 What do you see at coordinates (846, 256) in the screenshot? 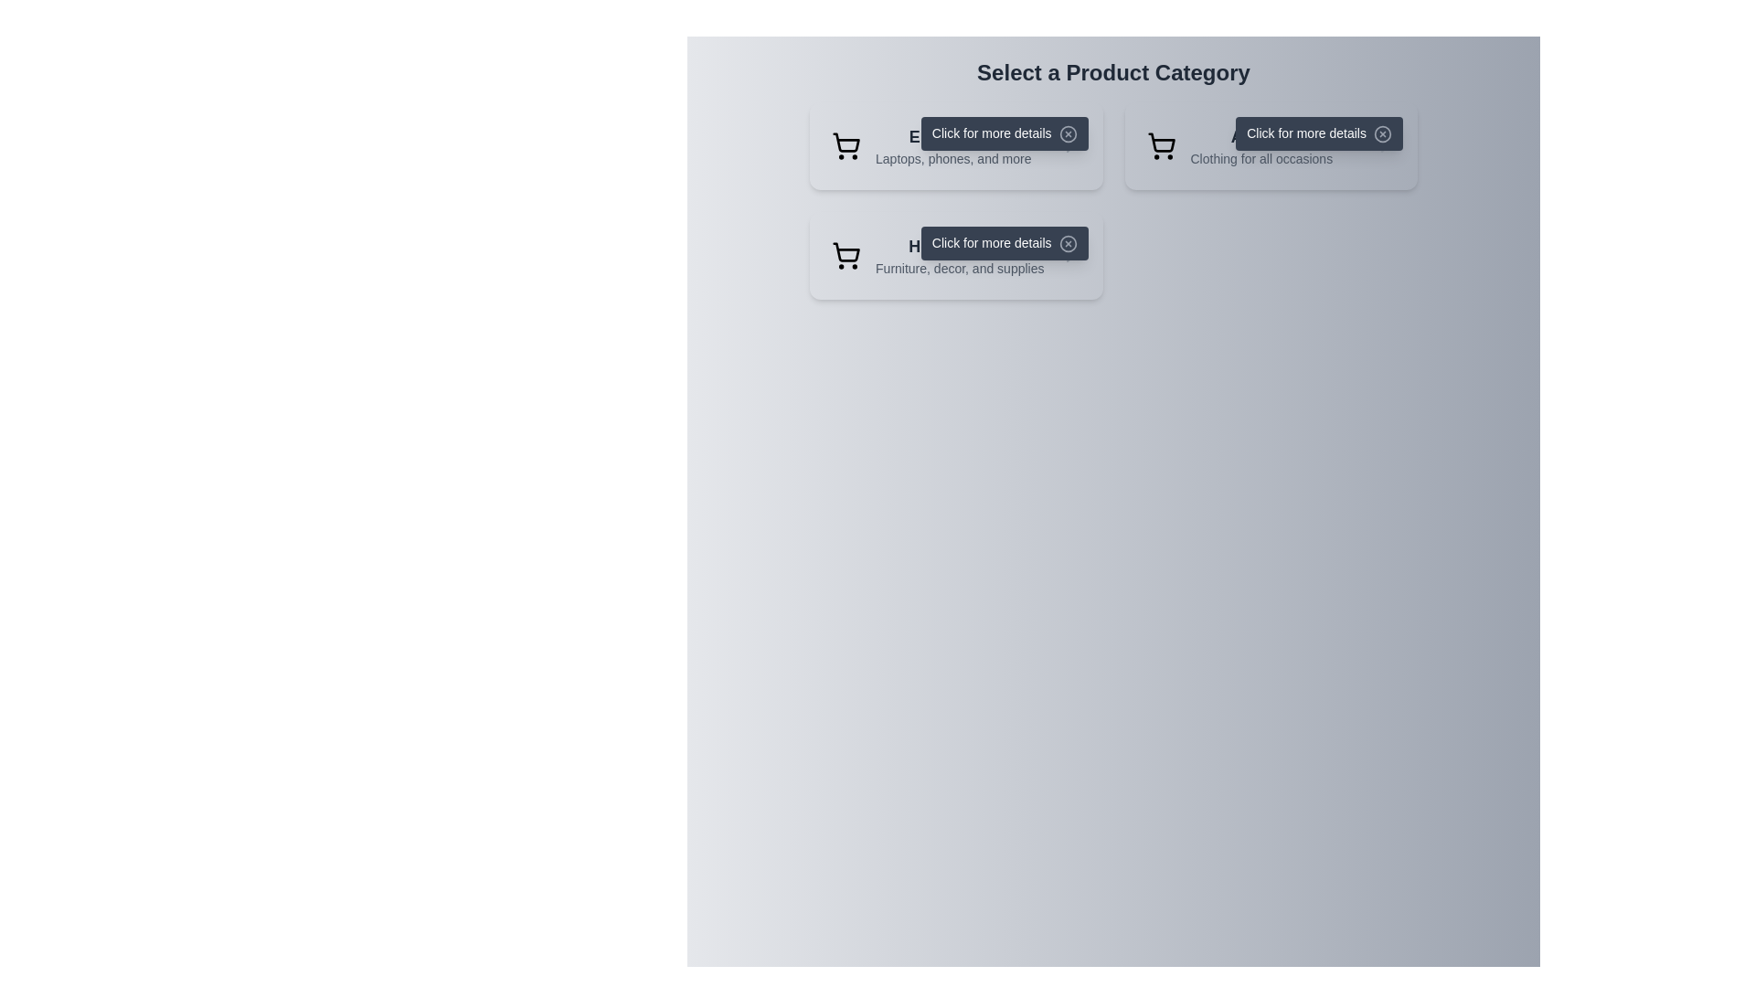
I see `the shopping cart icon which is styled with a dashed stroke pattern and located to the left of the 'Home Goods' text in the card layout for the 'Furniture, decor, and supplies' category` at bounding box center [846, 256].